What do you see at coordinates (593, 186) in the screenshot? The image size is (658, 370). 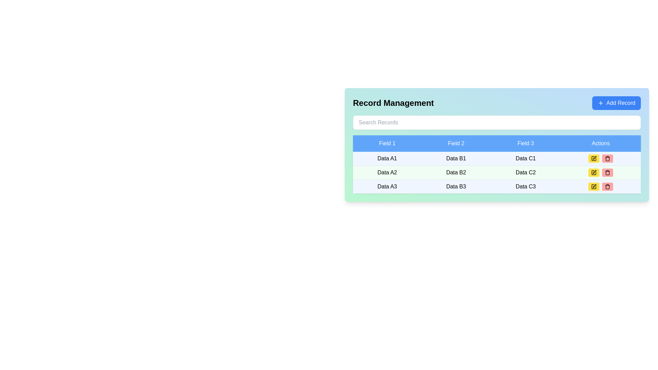 I see `the square with rounded corners icon located in the 'Actions' column of the bottommost row` at bounding box center [593, 186].